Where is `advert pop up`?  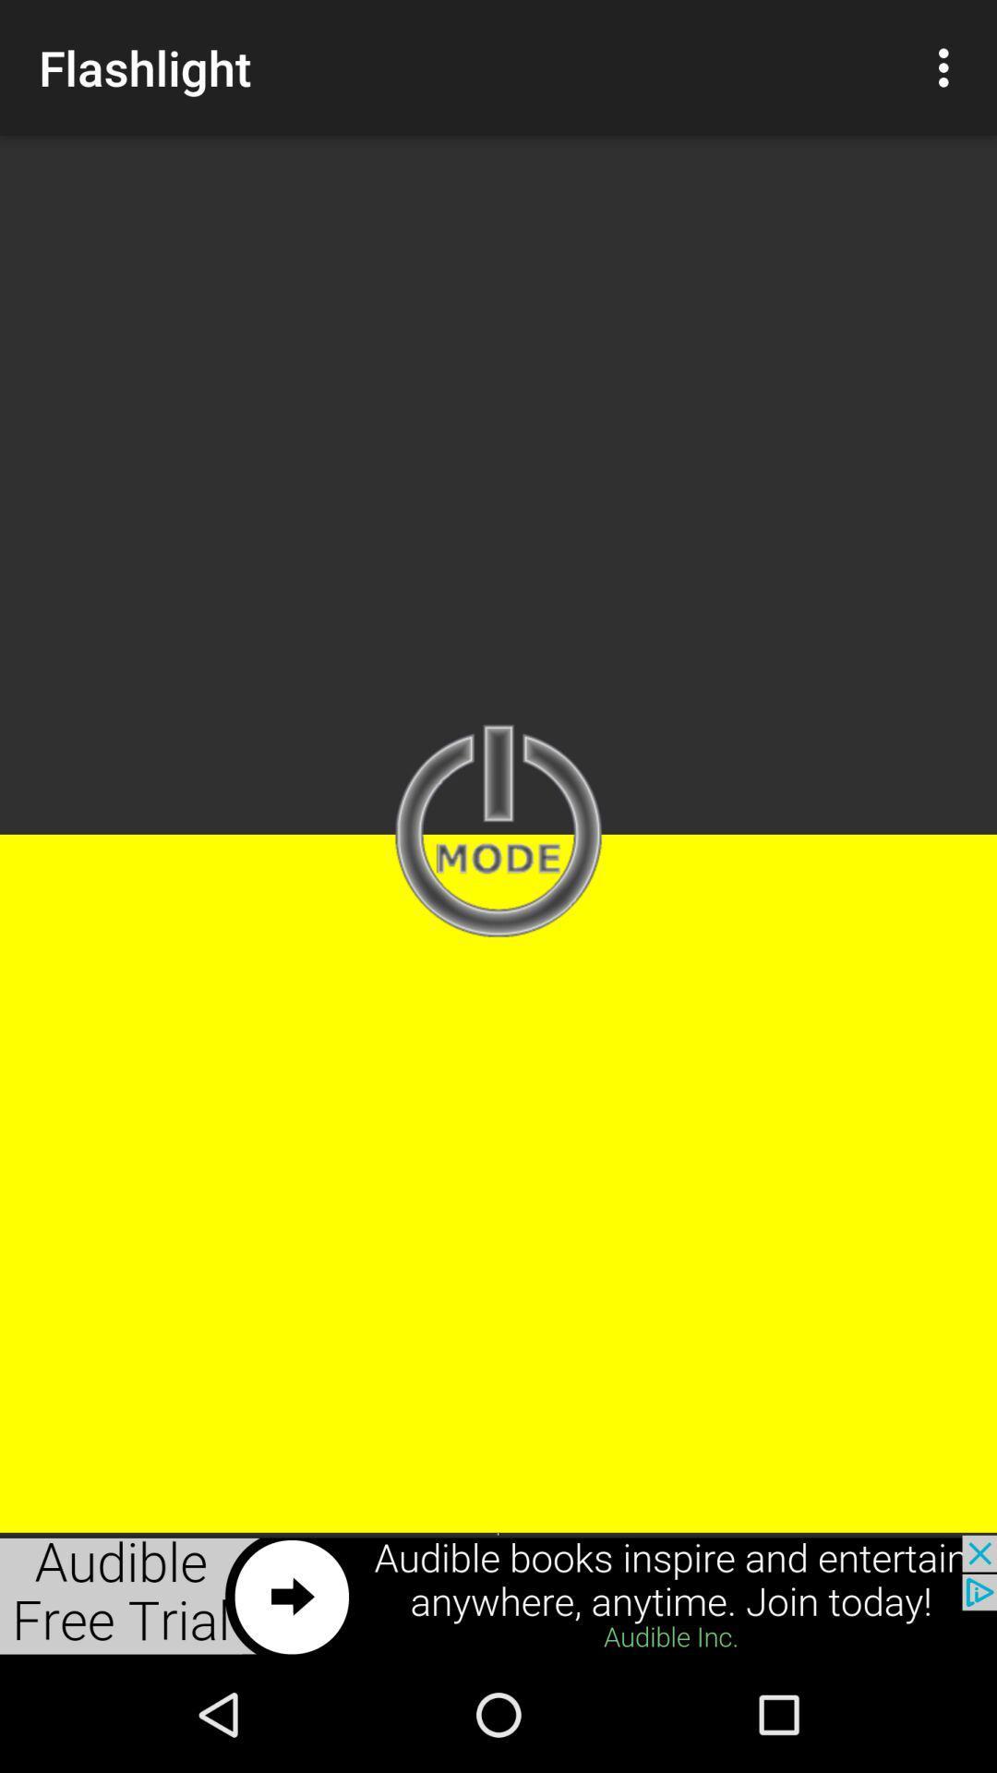
advert pop up is located at coordinates (498, 1595).